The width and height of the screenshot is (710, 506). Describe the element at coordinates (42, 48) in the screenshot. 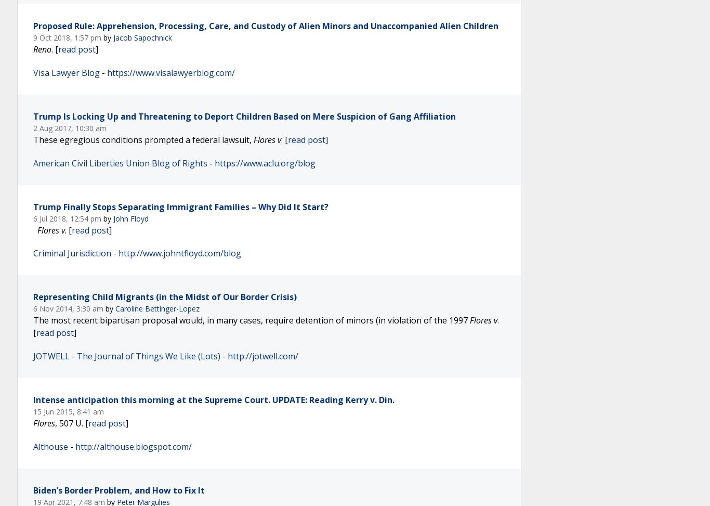

I see `'Reno'` at that location.